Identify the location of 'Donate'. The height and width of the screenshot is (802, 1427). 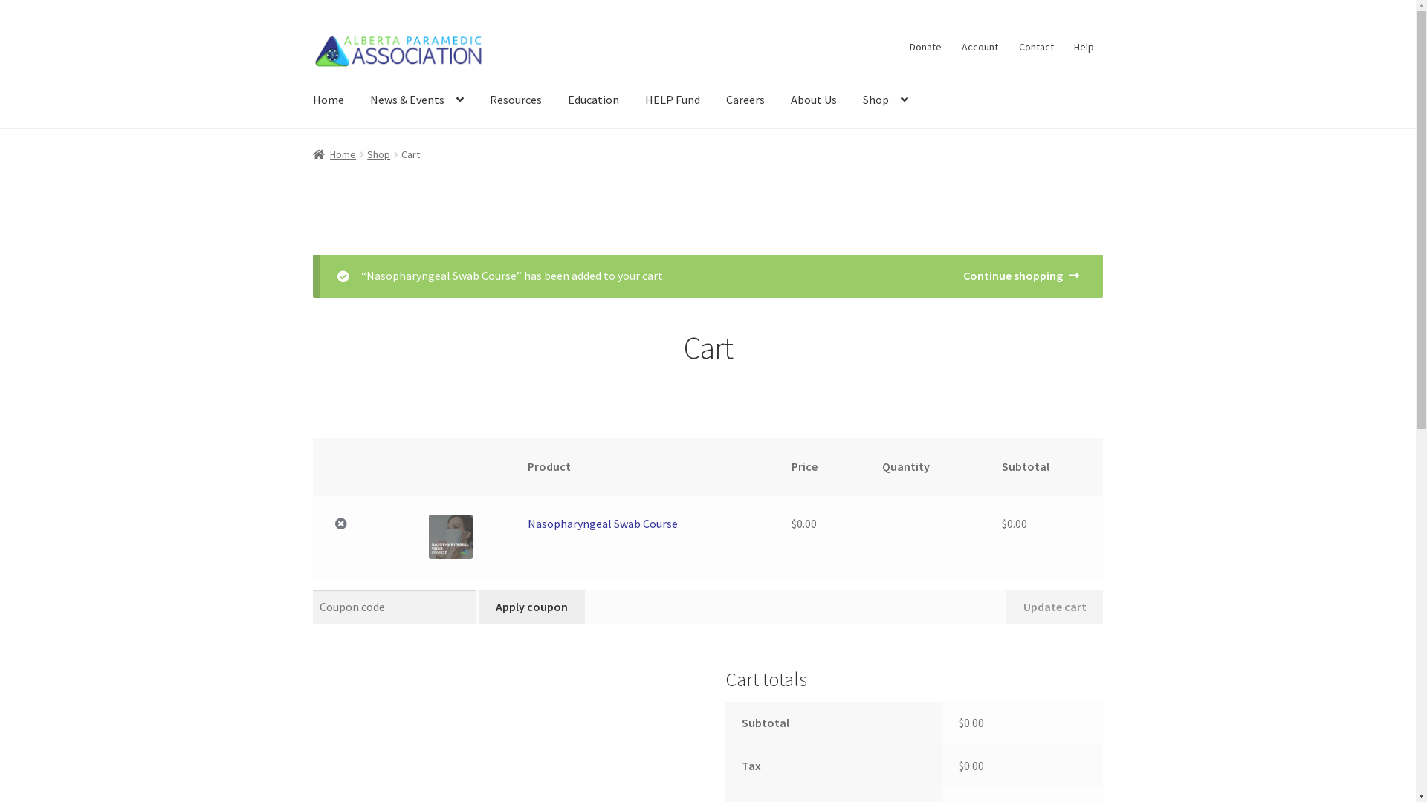
(899, 45).